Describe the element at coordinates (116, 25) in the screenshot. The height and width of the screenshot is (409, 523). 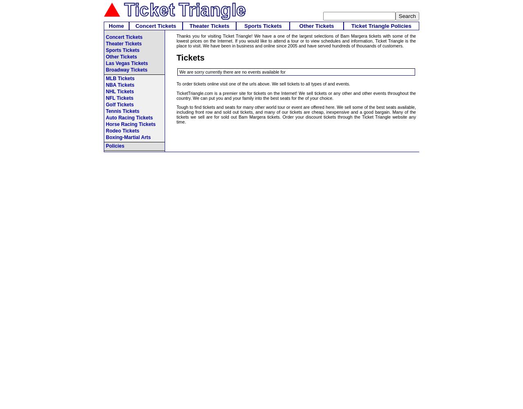
I see `'Home'` at that location.